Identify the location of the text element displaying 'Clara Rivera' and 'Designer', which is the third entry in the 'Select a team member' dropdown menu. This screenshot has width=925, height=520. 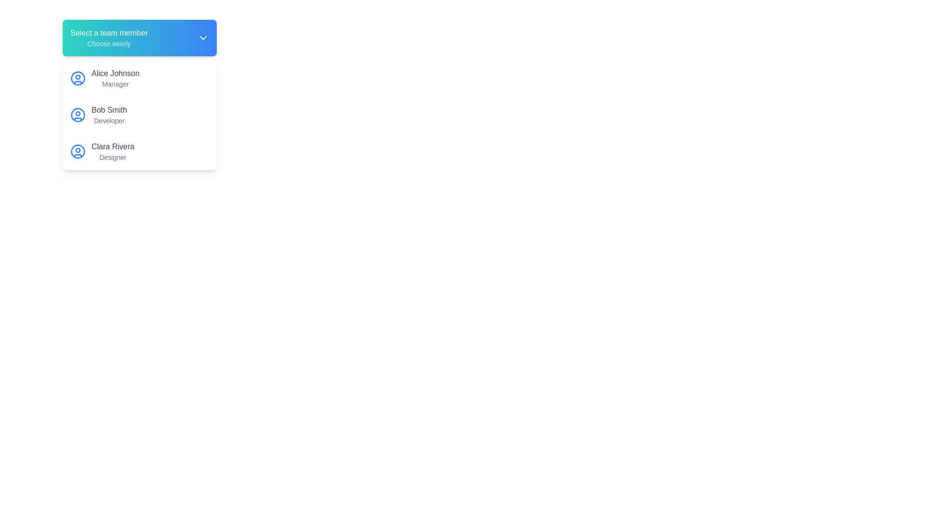
(113, 152).